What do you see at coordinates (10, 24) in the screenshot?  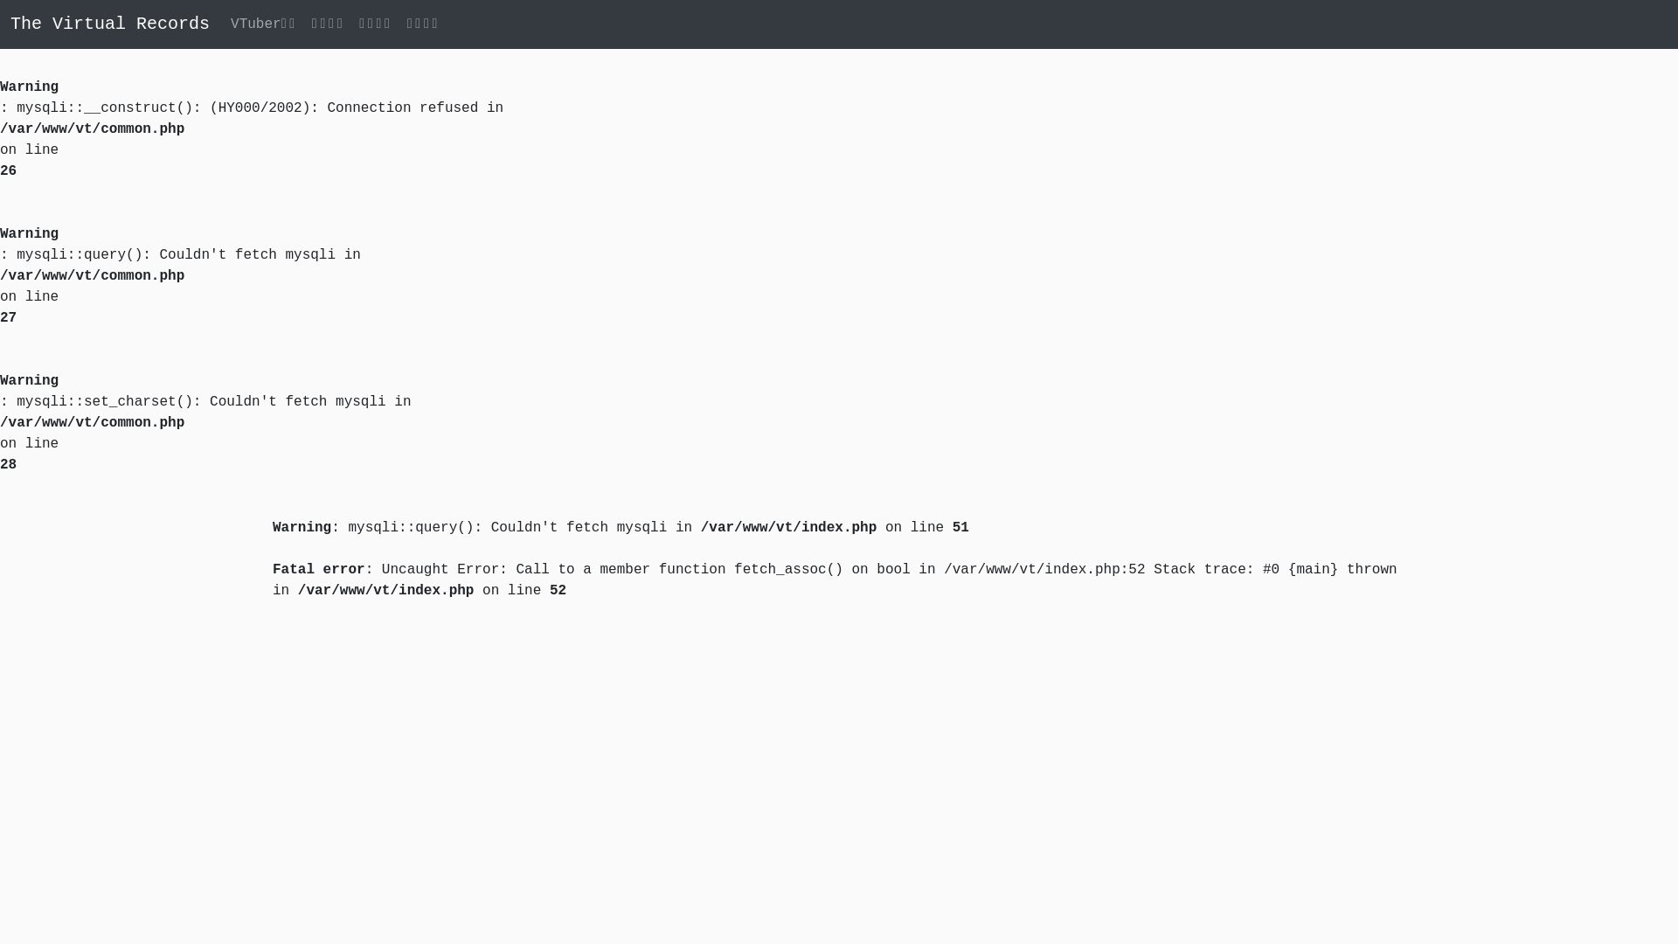 I see `'The Virtual Records'` at bounding box center [10, 24].